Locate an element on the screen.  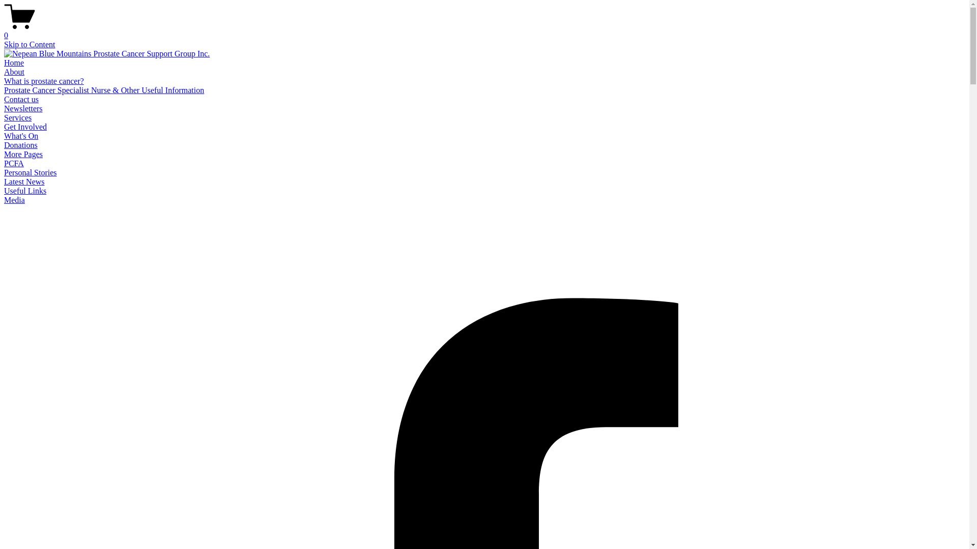
'PCFA' is located at coordinates (14, 163).